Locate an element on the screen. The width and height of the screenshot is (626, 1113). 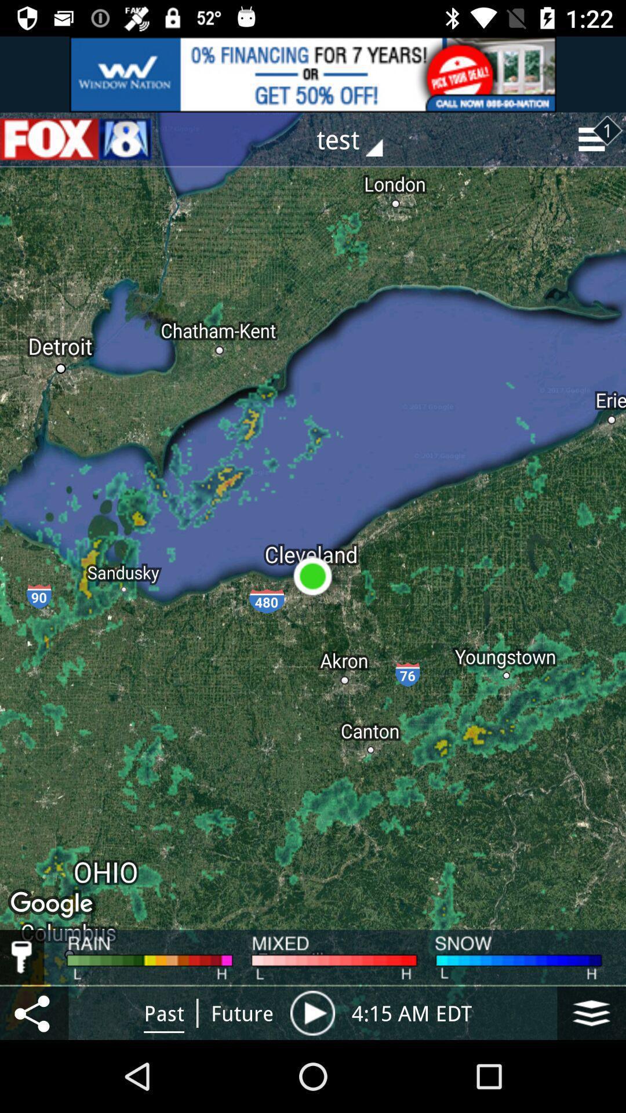
the icon at right side of 415 am edt is located at coordinates (592, 1012).